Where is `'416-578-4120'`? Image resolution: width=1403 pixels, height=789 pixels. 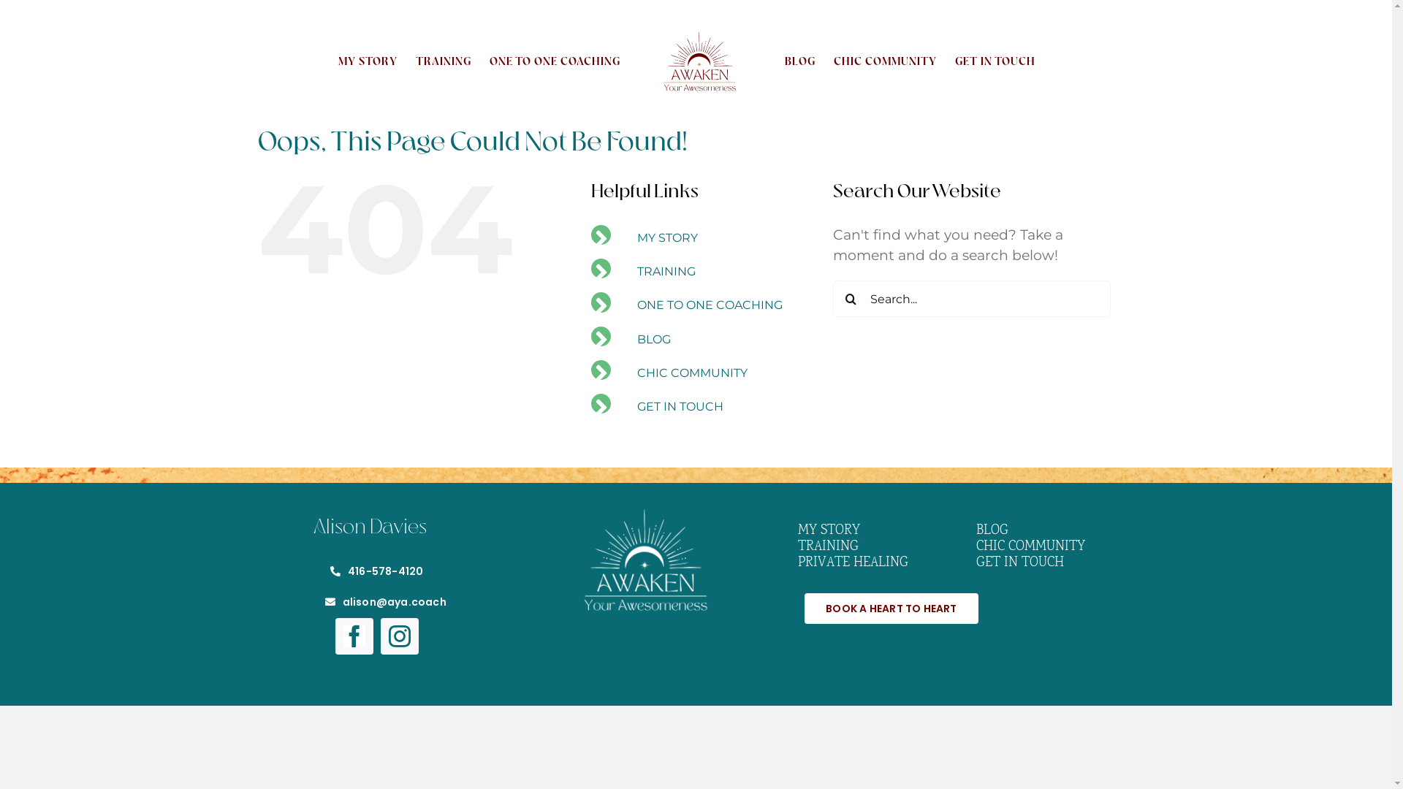 '416-578-4120' is located at coordinates (308, 571).